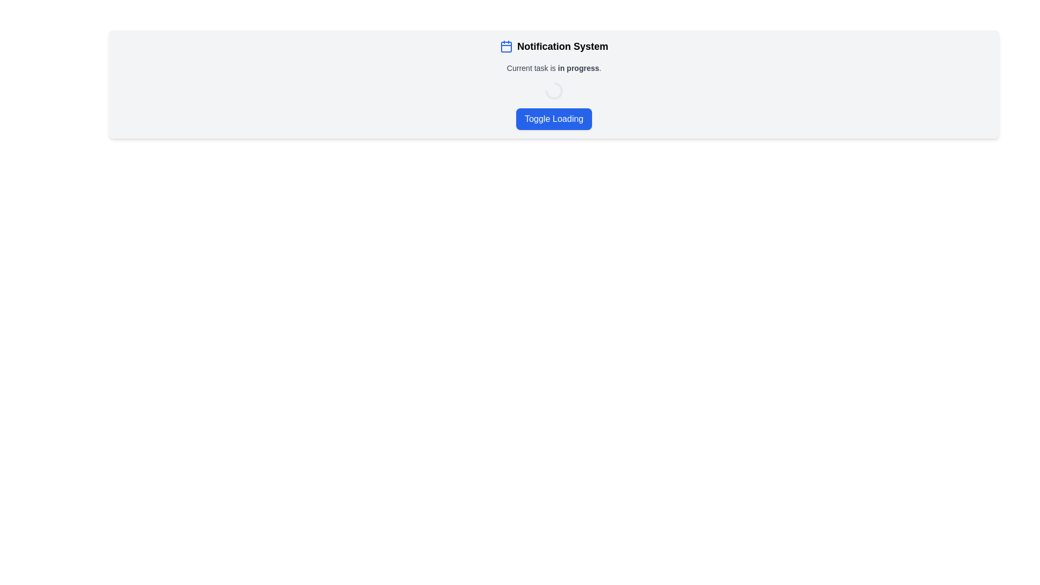 The height and width of the screenshot is (585, 1040). What do you see at coordinates (554, 119) in the screenshot?
I see `the toggle button located centrally in the notification interface to observe visual feedback` at bounding box center [554, 119].